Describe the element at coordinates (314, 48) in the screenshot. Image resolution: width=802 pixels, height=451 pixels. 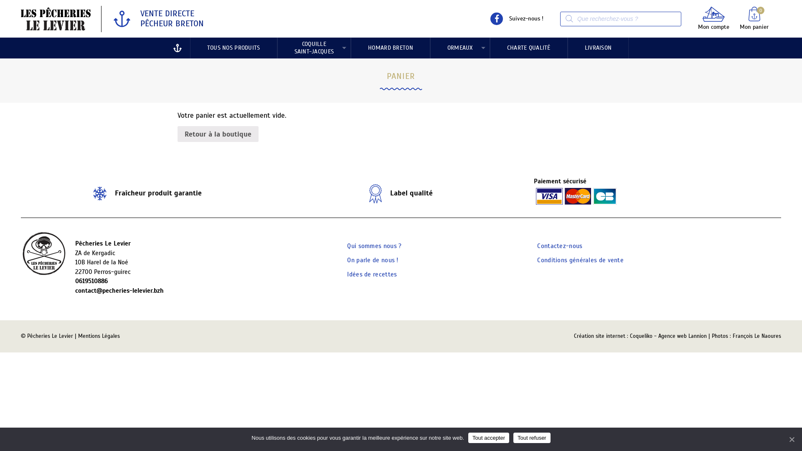
I see `'COQUILLE` at that location.